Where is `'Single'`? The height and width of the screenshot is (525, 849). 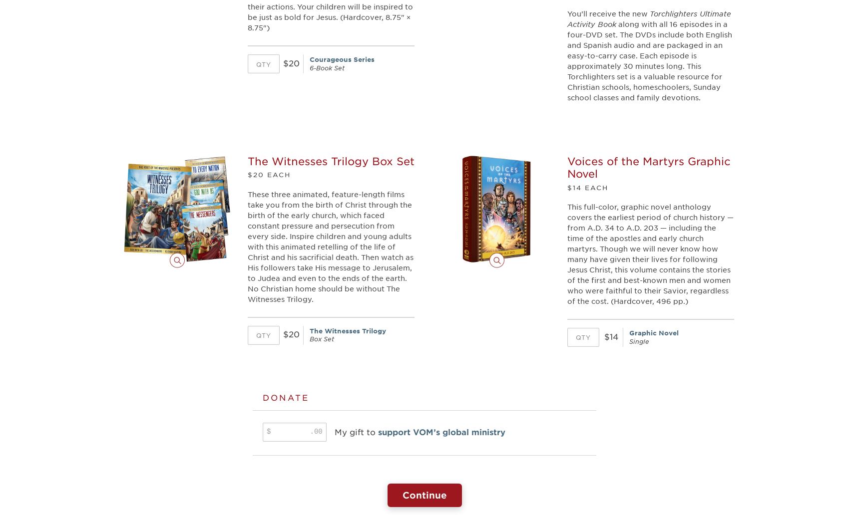
'Single' is located at coordinates (629, 340).